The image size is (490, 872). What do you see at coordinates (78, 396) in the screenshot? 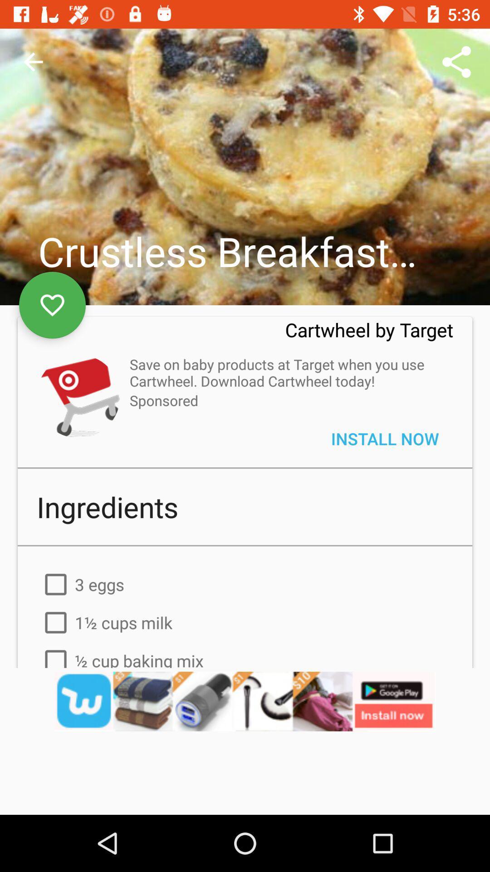
I see `install app` at bounding box center [78, 396].